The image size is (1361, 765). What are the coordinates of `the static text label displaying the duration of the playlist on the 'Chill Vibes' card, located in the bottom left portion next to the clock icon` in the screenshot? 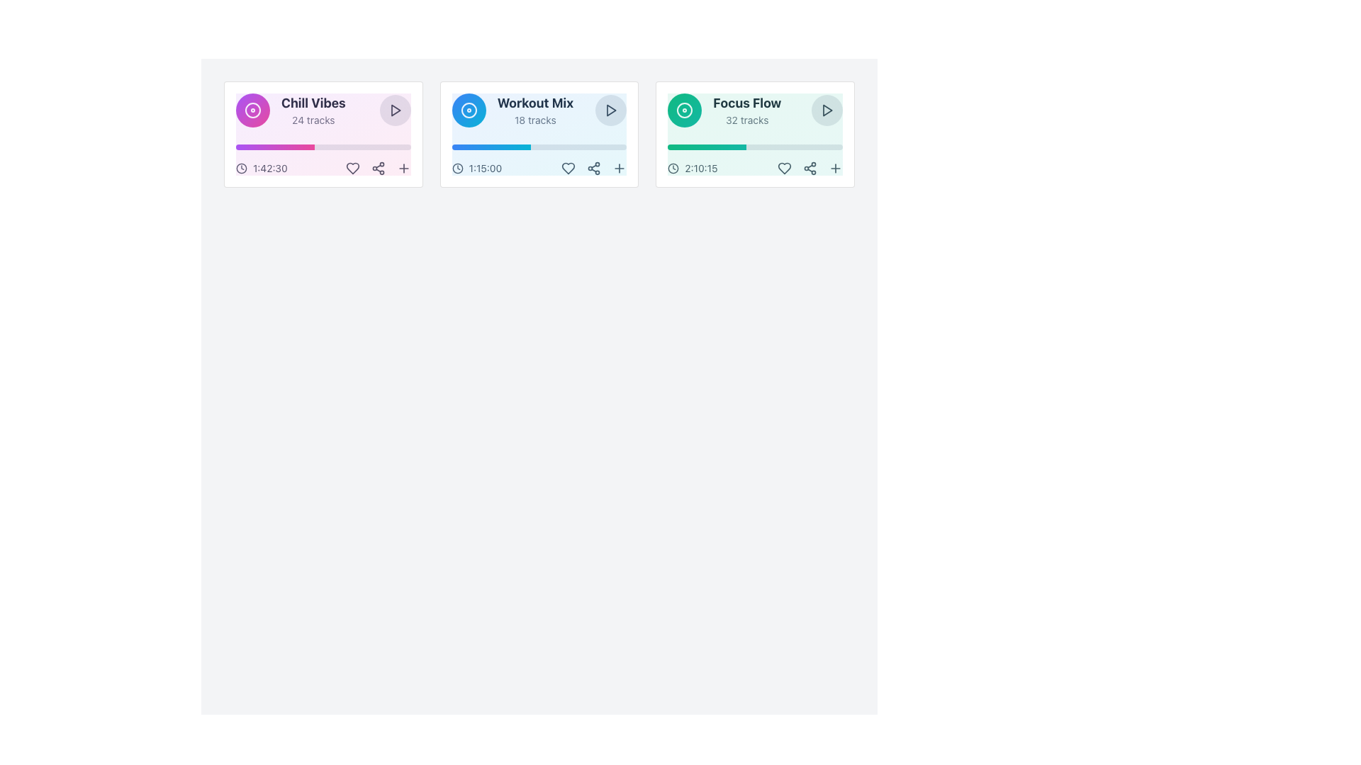 It's located at (270, 168).